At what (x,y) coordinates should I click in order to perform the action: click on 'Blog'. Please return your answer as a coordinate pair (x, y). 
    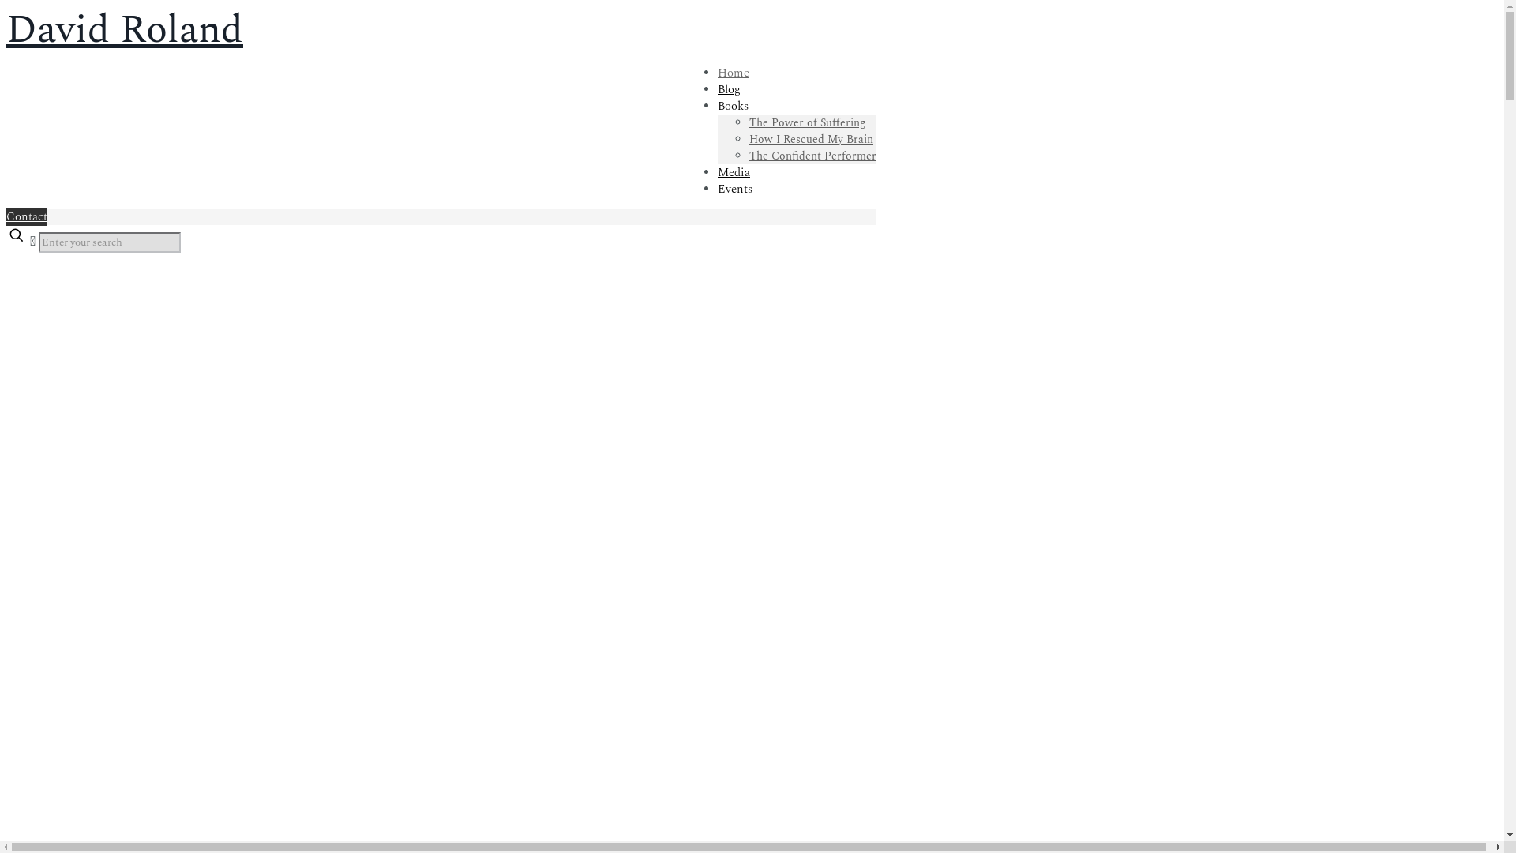
    Looking at the image, I should click on (728, 89).